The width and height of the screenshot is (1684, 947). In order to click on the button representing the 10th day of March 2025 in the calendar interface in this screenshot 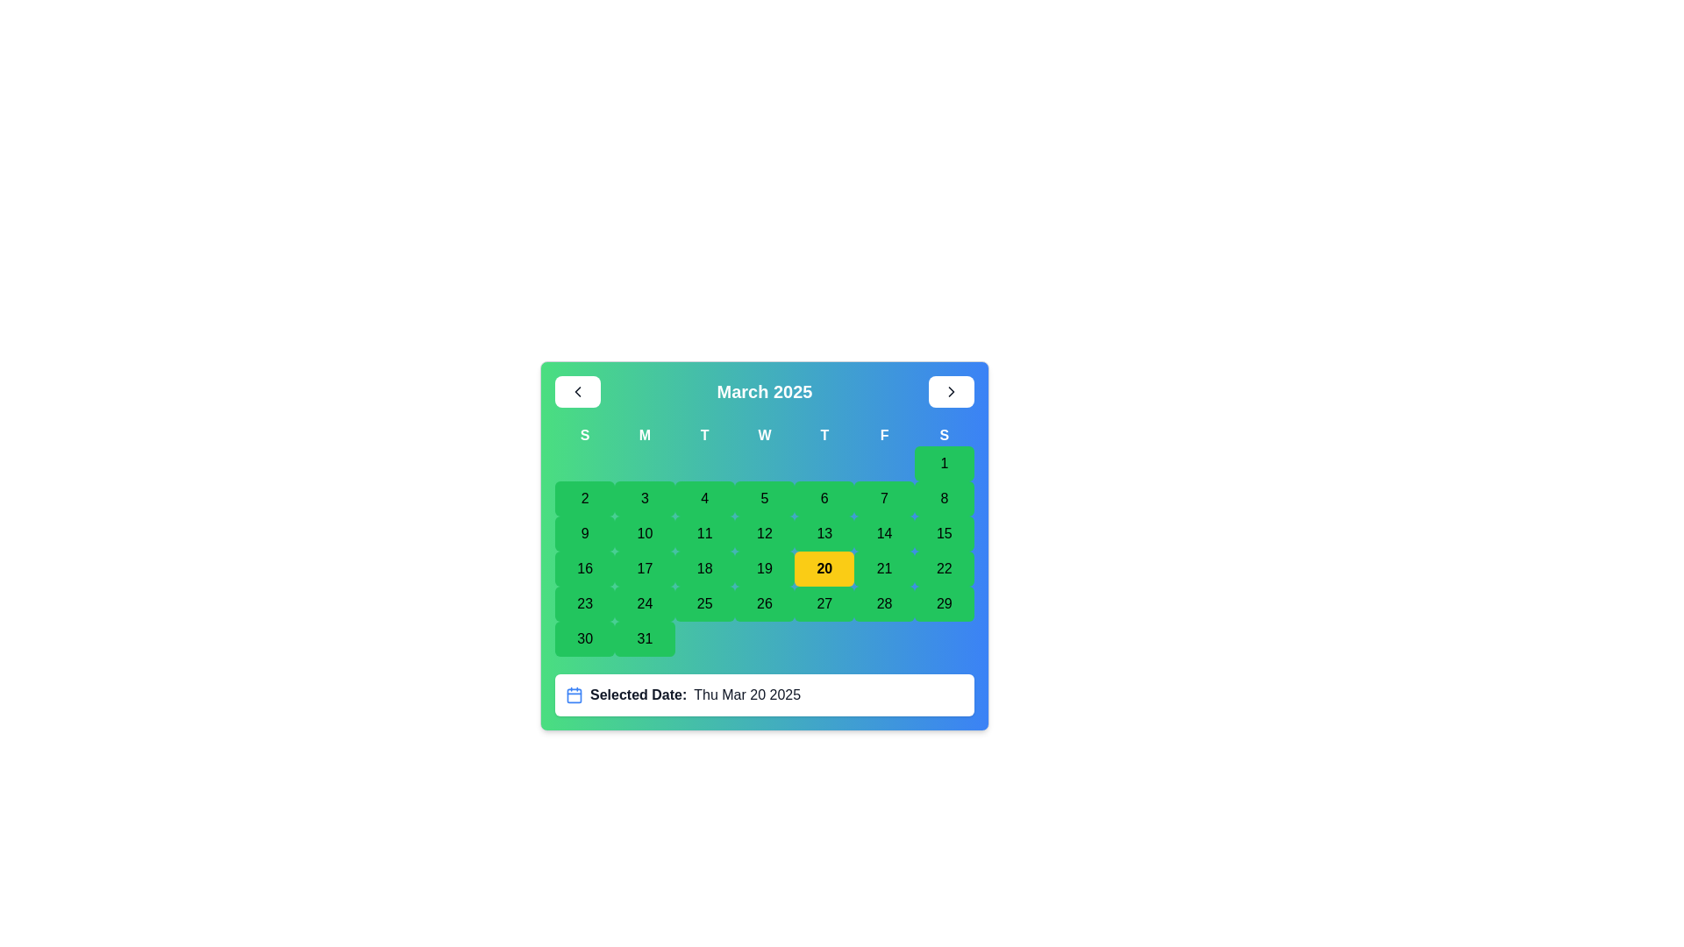, I will do `click(644, 533)`.